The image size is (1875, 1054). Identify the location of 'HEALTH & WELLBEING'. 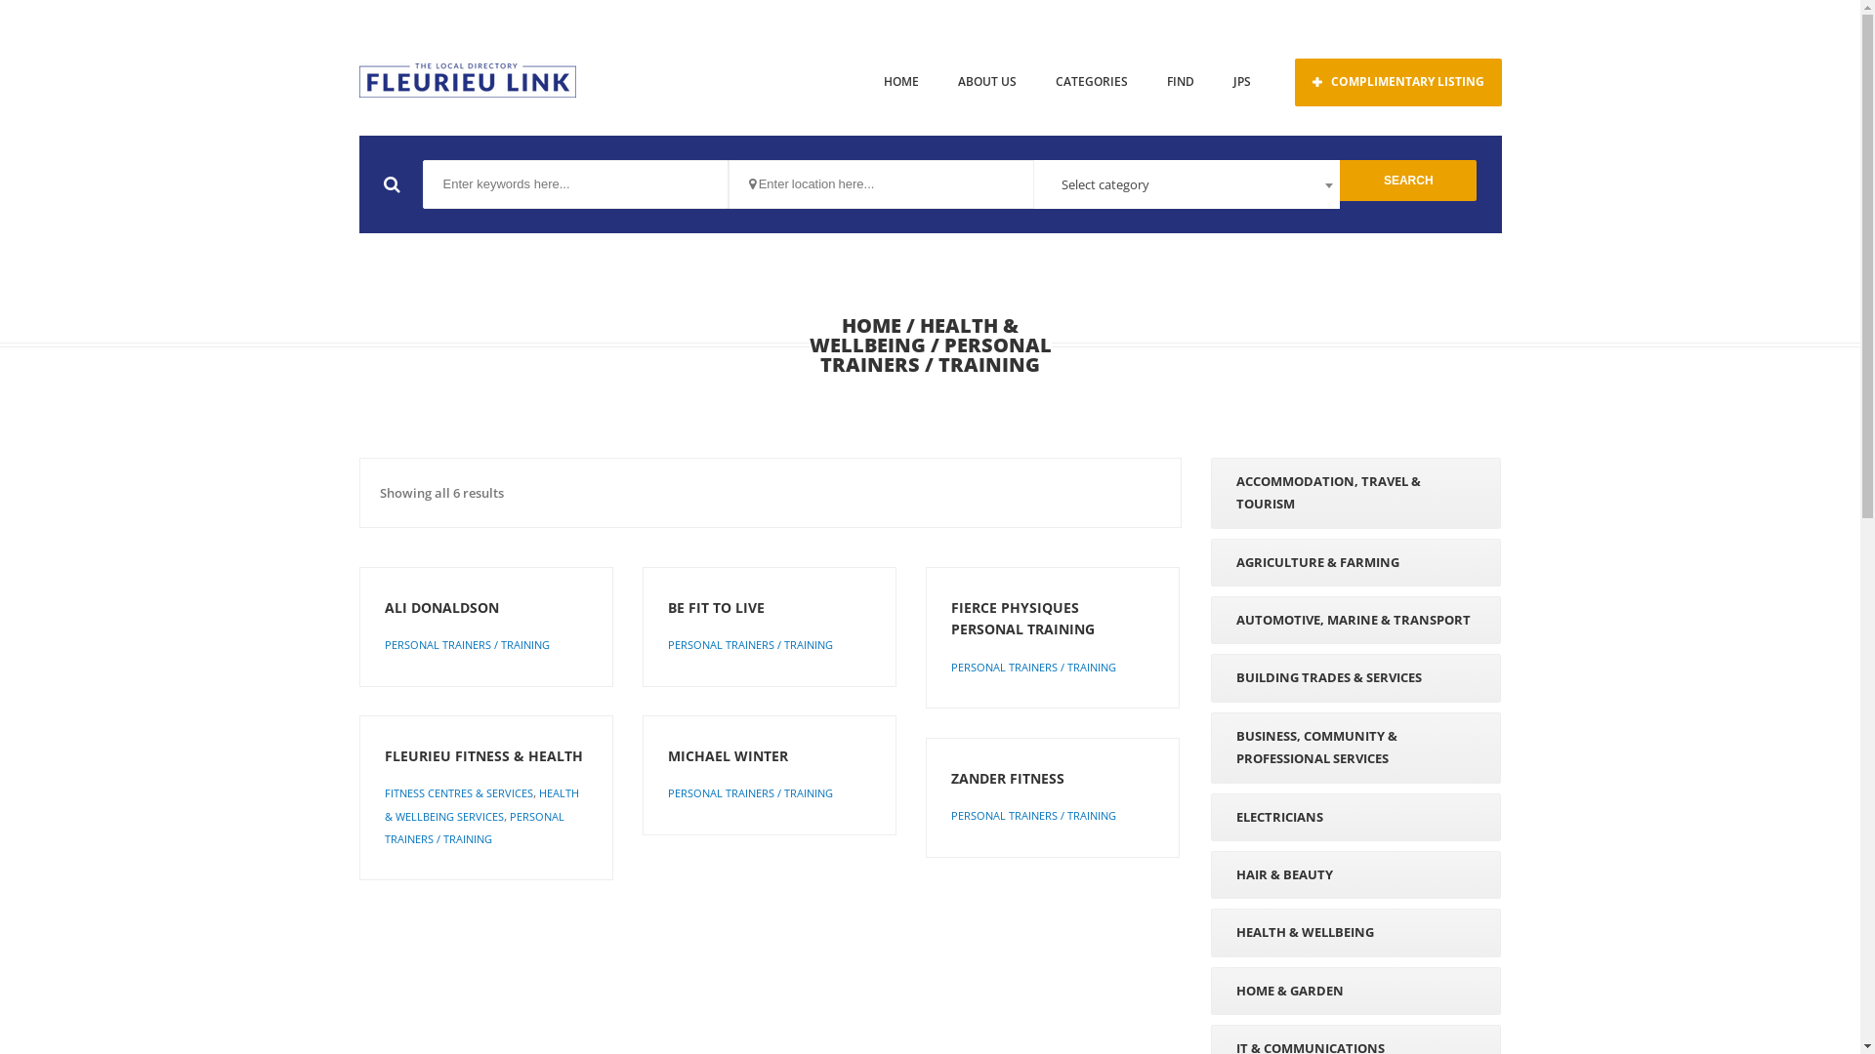
(912, 334).